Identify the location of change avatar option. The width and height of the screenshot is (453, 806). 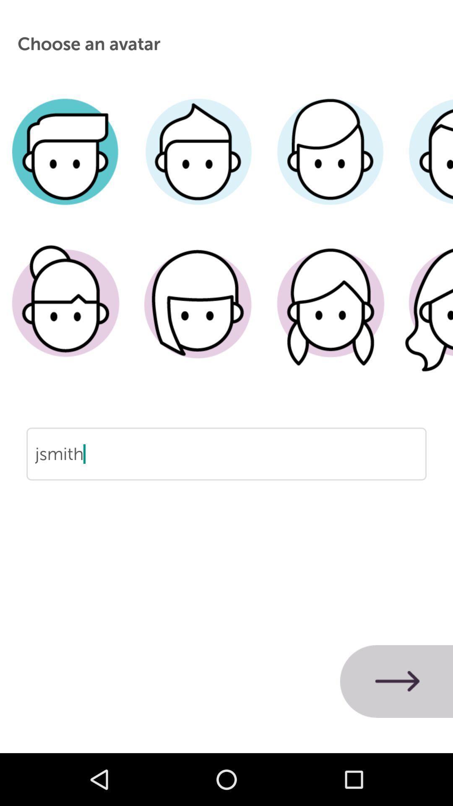
(198, 164).